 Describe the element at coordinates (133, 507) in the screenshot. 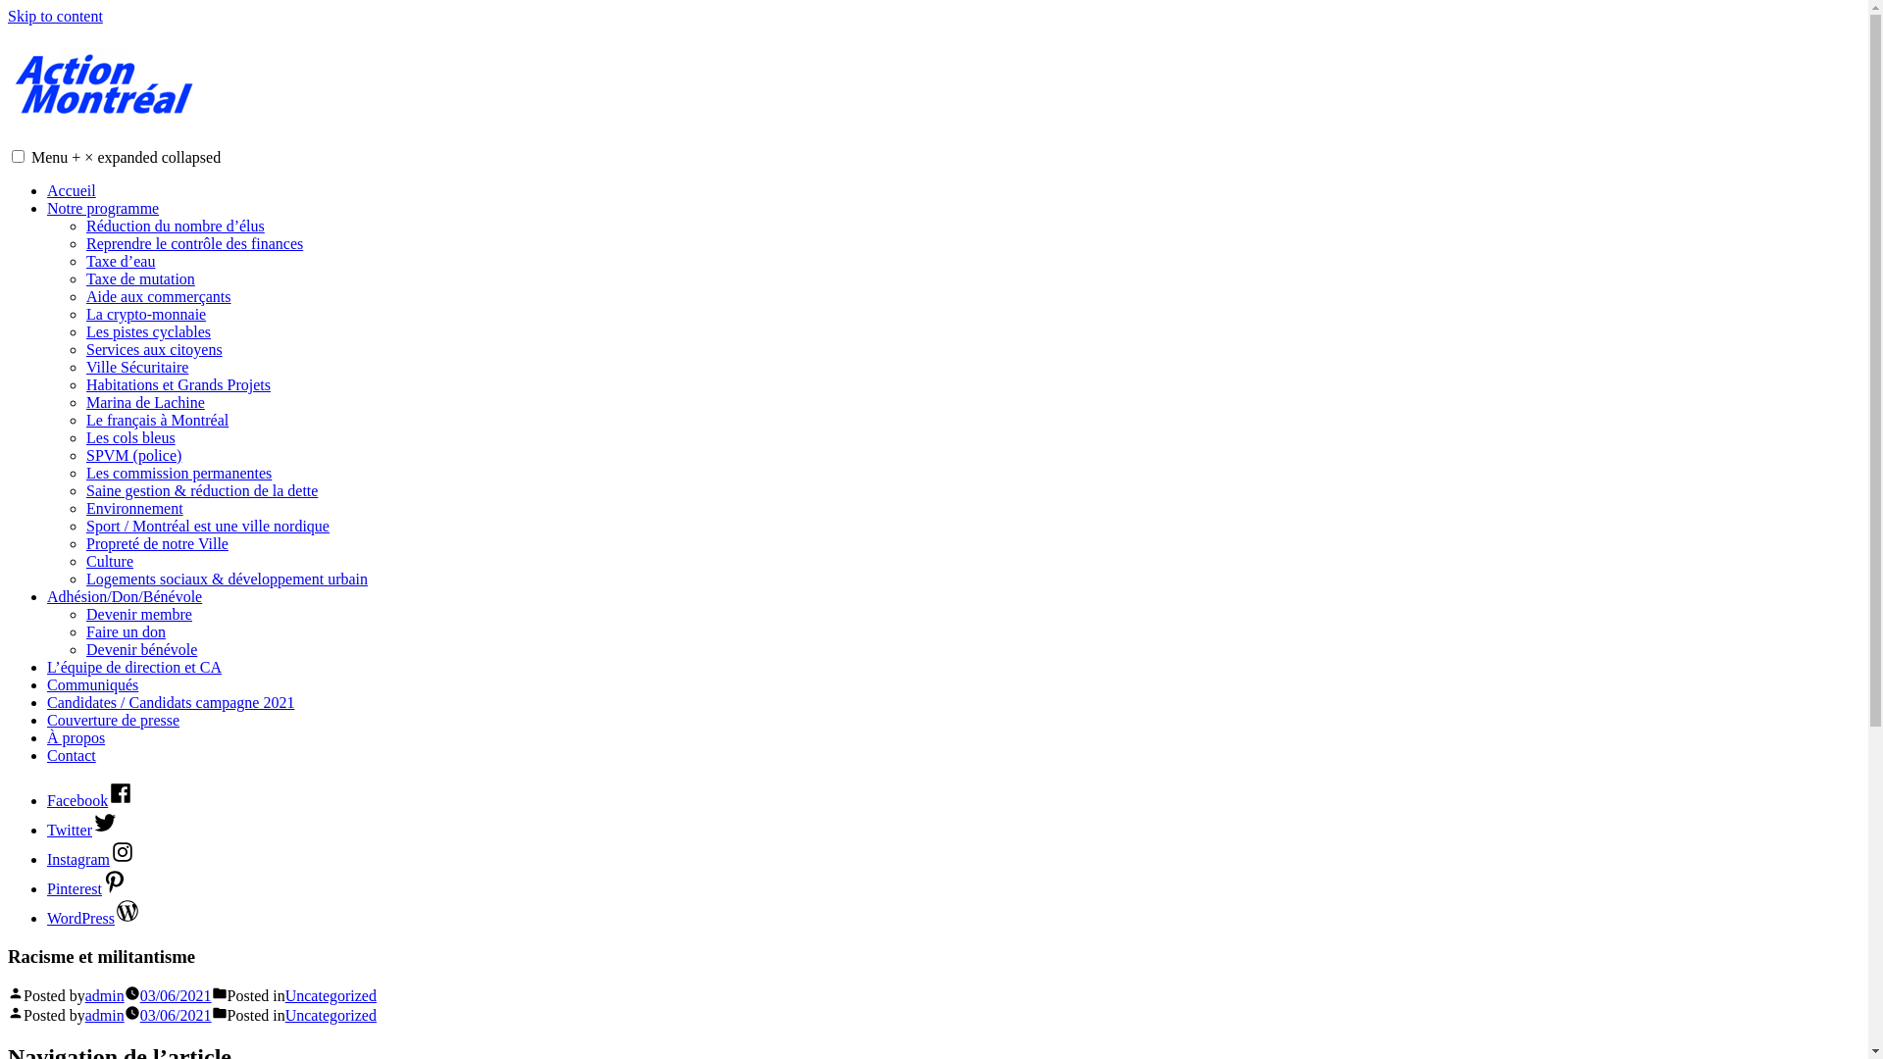

I see `'Environnement'` at that location.